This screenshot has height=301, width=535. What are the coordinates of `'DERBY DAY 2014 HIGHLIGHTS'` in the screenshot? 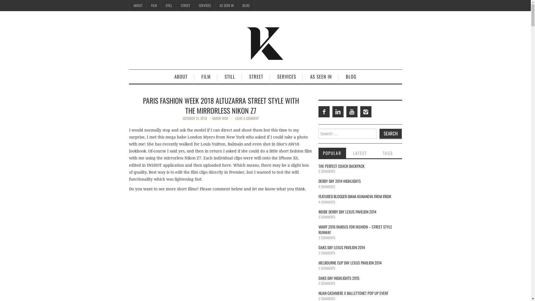 It's located at (339, 181).